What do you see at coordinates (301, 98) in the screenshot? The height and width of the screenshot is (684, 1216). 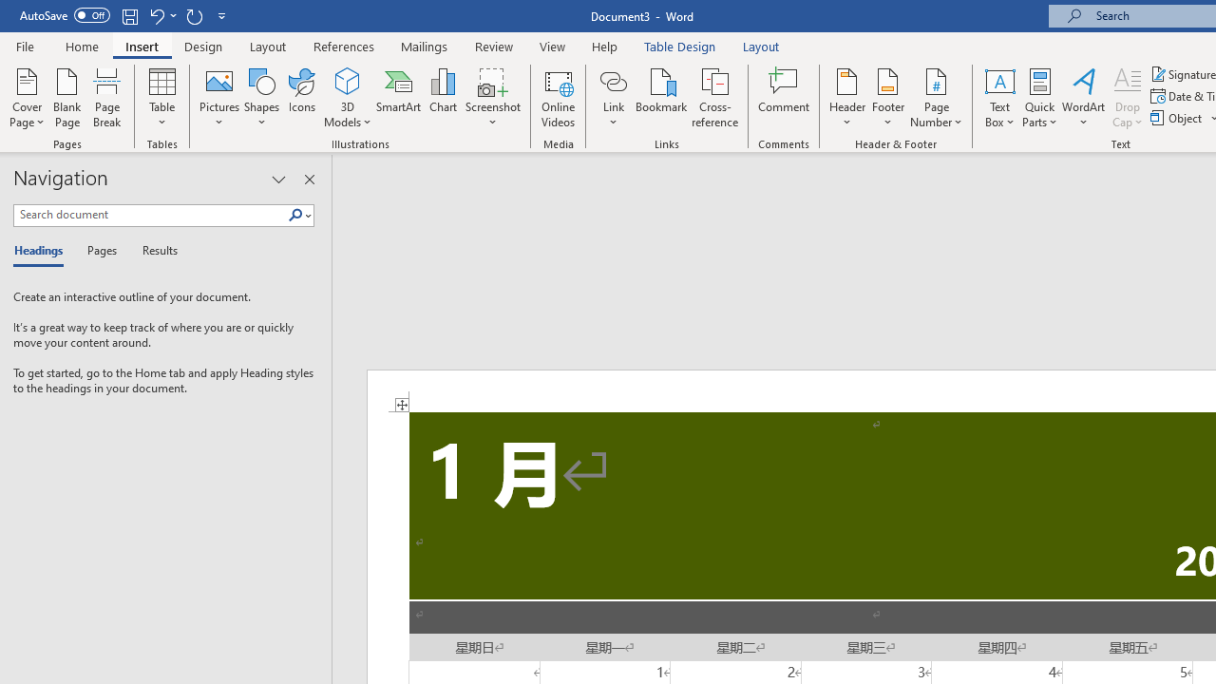 I see `'Icons'` at bounding box center [301, 98].